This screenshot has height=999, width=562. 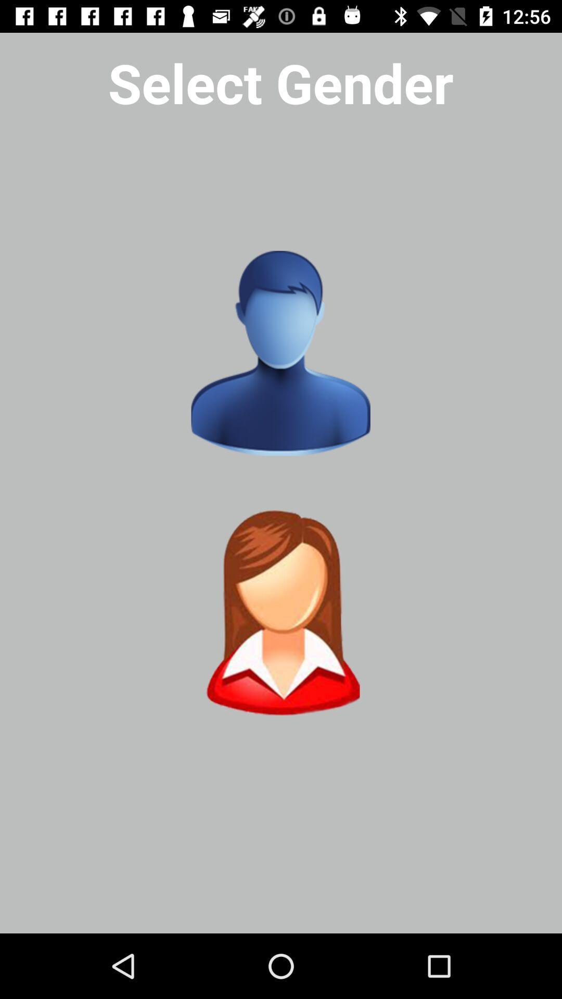 I want to click on pick male gender, so click(x=280, y=353).